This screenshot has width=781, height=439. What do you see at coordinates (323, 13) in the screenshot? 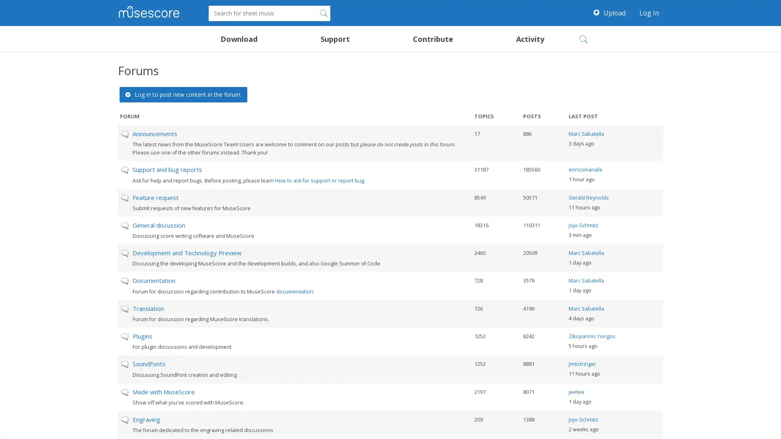
I see `Search` at bounding box center [323, 13].